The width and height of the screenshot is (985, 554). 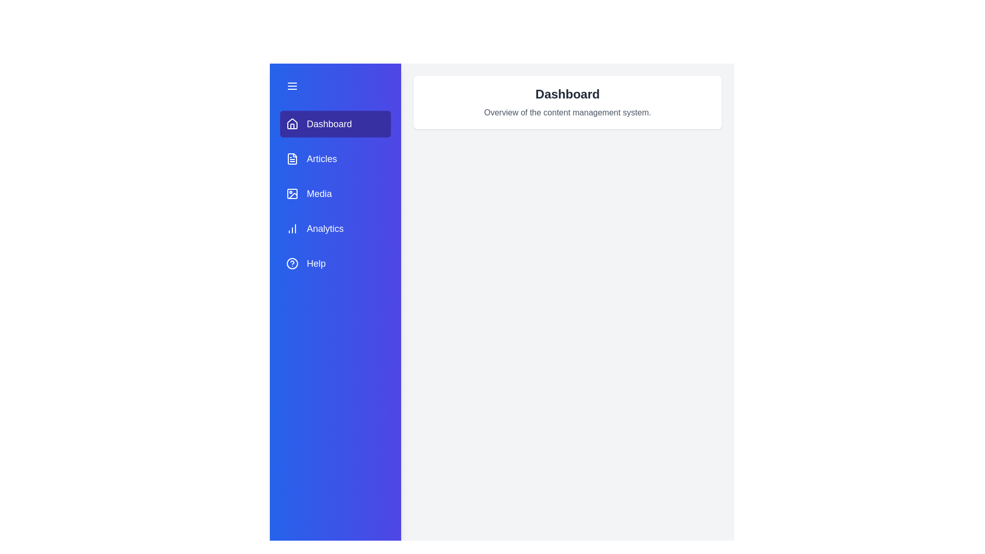 What do you see at coordinates (292, 124) in the screenshot?
I see `the icon next to the tab labeled Dashboard to inspect its details` at bounding box center [292, 124].